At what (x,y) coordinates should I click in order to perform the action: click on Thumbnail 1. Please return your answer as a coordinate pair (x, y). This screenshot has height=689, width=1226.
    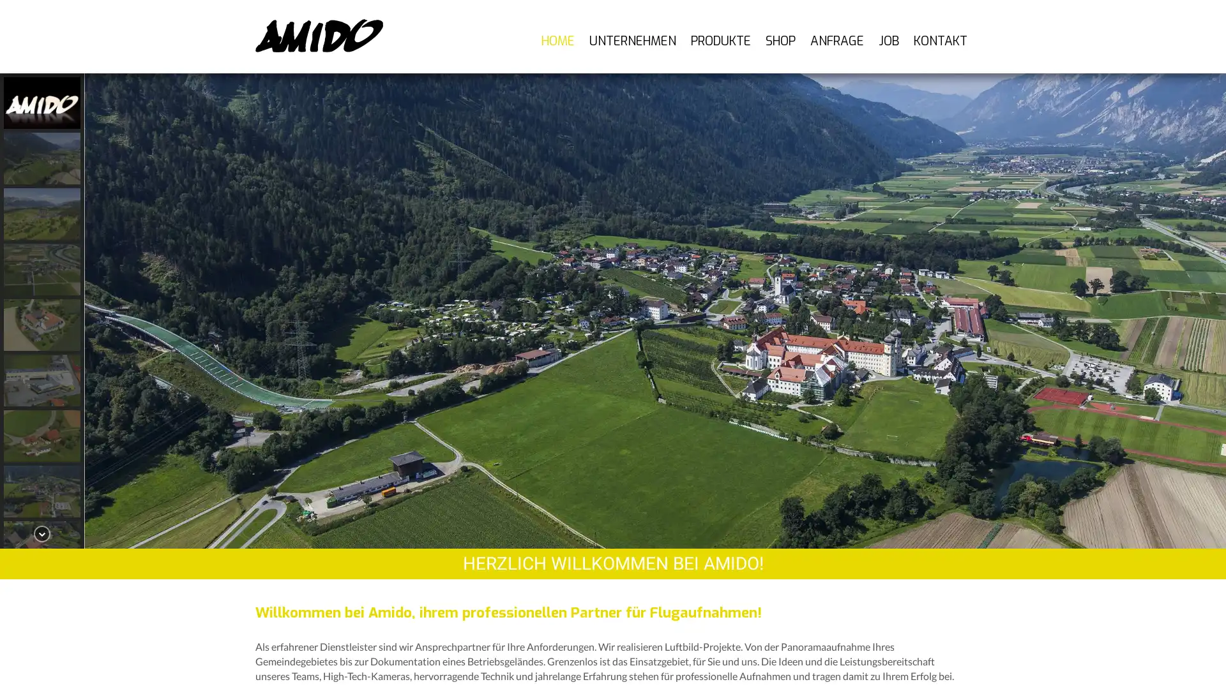
    Looking at the image, I should click on (42, 102).